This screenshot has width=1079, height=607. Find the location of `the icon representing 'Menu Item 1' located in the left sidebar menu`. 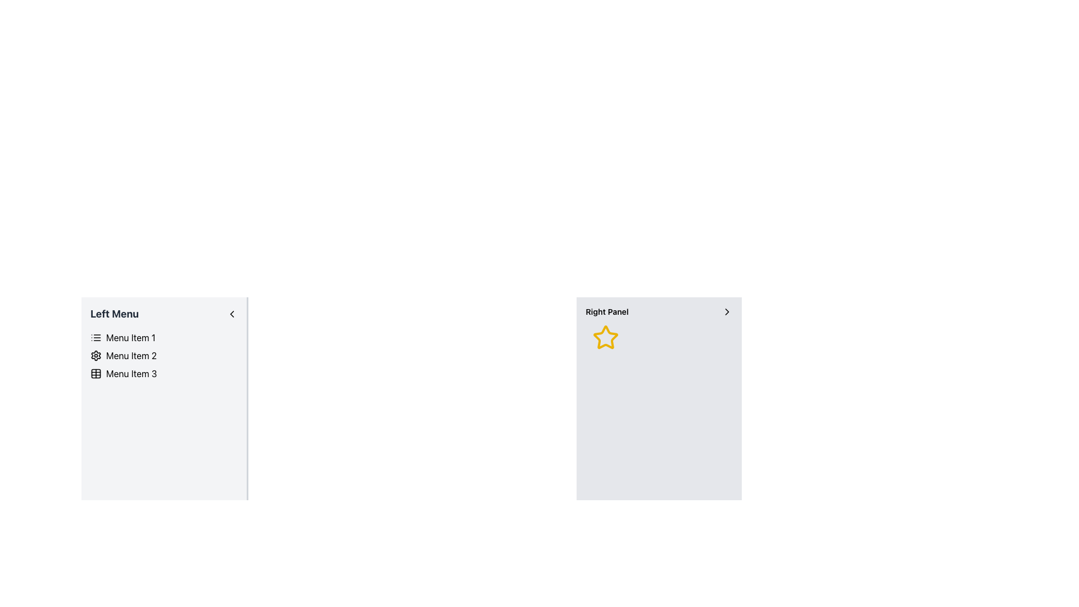

the icon representing 'Menu Item 1' located in the left sidebar menu is located at coordinates (96, 337).